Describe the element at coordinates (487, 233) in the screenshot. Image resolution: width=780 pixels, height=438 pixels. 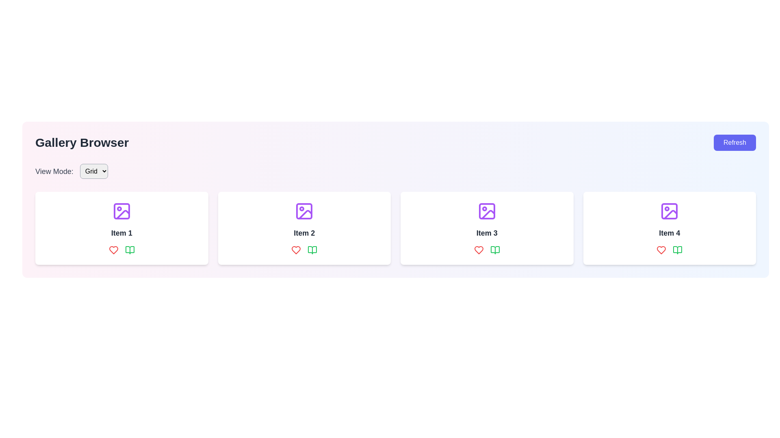
I see `the Label displaying 'Item 3', which is styled with a large, bold font in gray color, located beneath the purple image icon and above the two colored action icons in the third item box of the gallery` at that location.